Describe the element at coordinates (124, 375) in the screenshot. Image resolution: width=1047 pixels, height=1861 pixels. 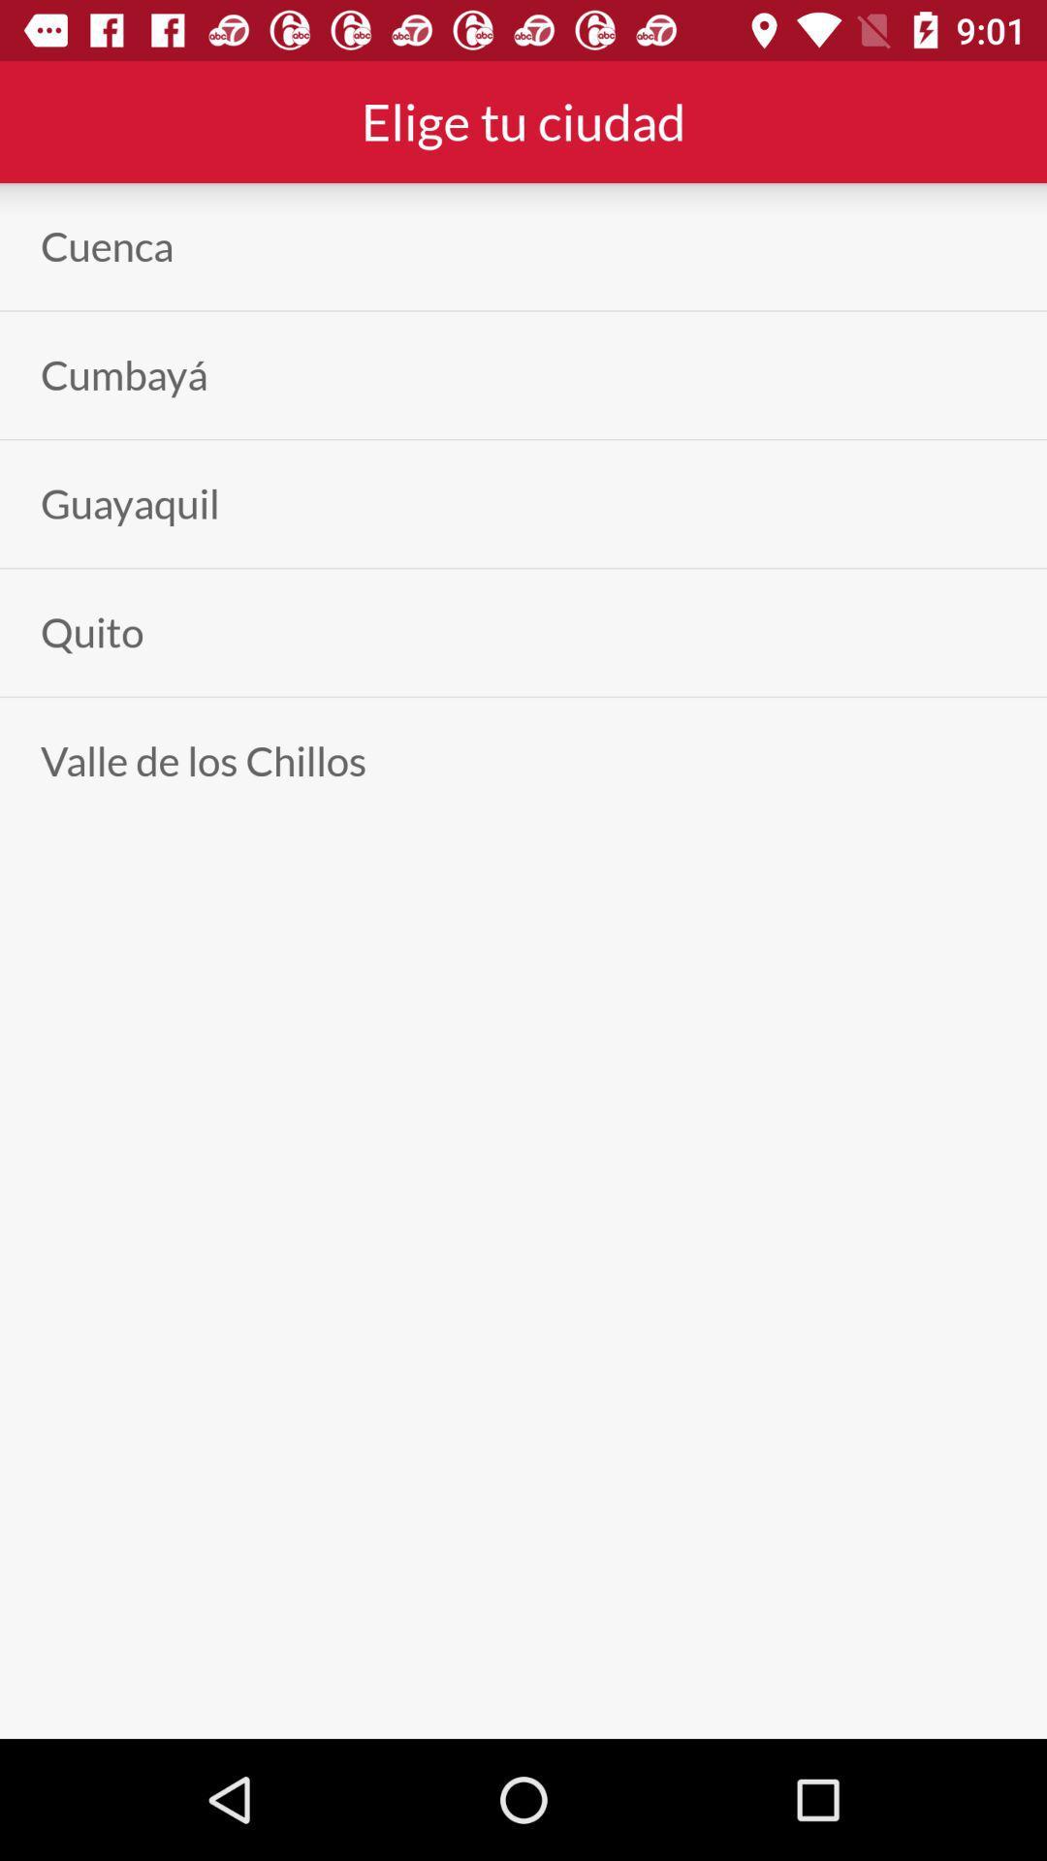
I see `the item above guayaquil icon` at that location.